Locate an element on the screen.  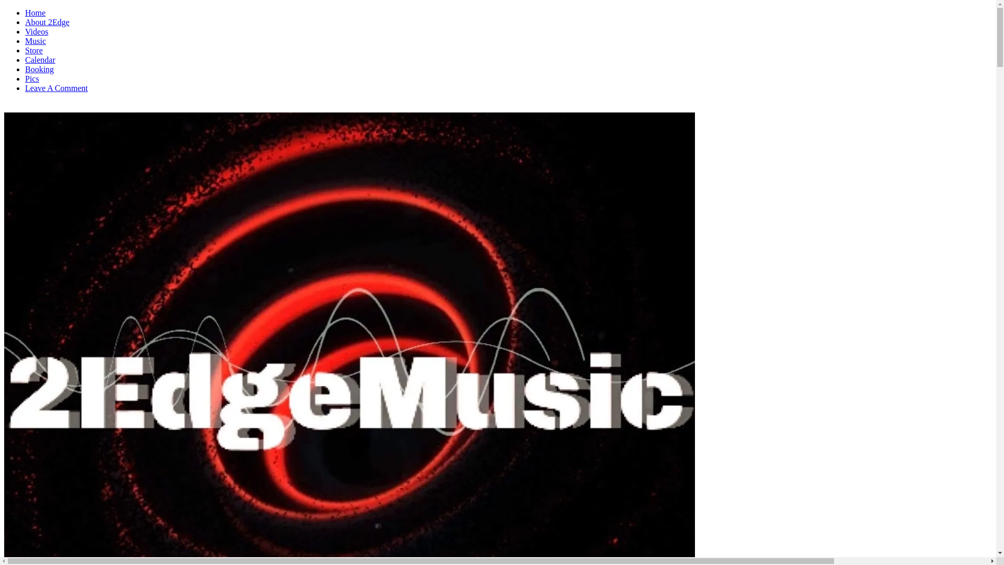
'About 2Edge' is located at coordinates (47, 22).